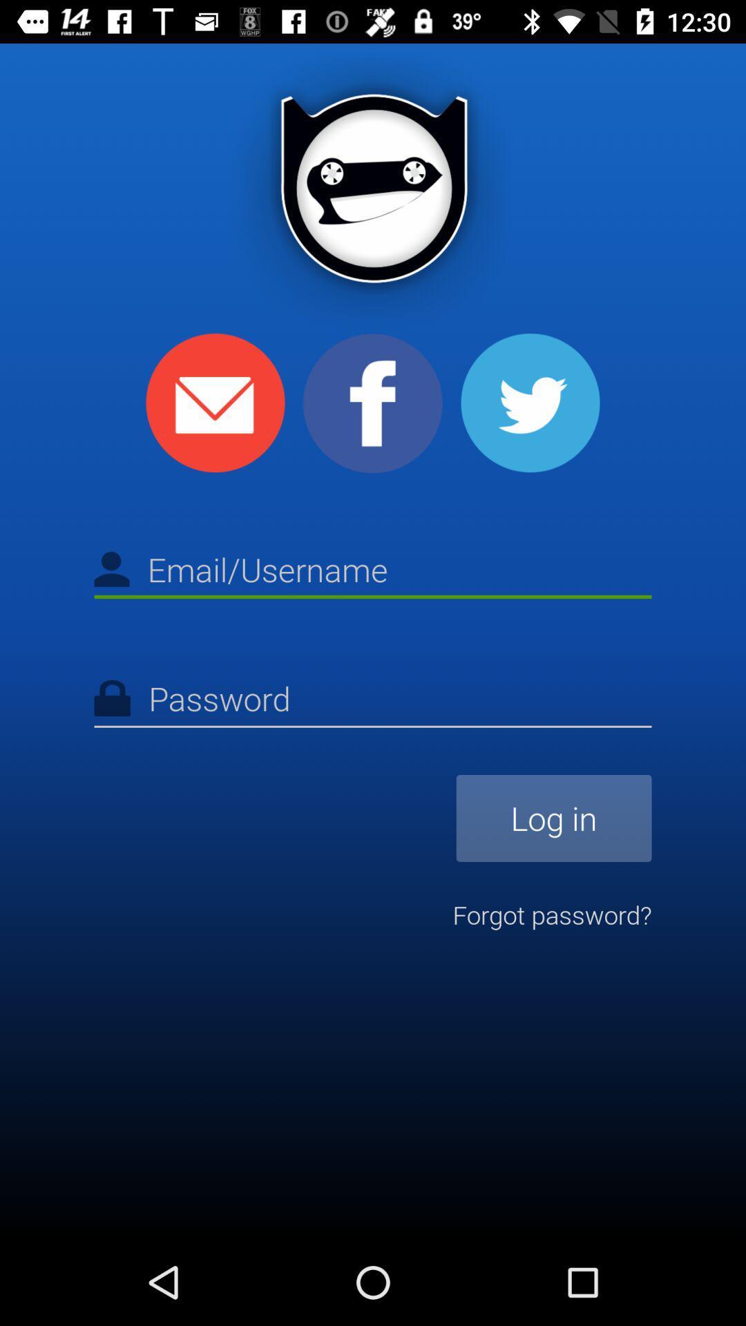  Describe the element at coordinates (373, 403) in the screenshot. I see `login with facebook` at that location.